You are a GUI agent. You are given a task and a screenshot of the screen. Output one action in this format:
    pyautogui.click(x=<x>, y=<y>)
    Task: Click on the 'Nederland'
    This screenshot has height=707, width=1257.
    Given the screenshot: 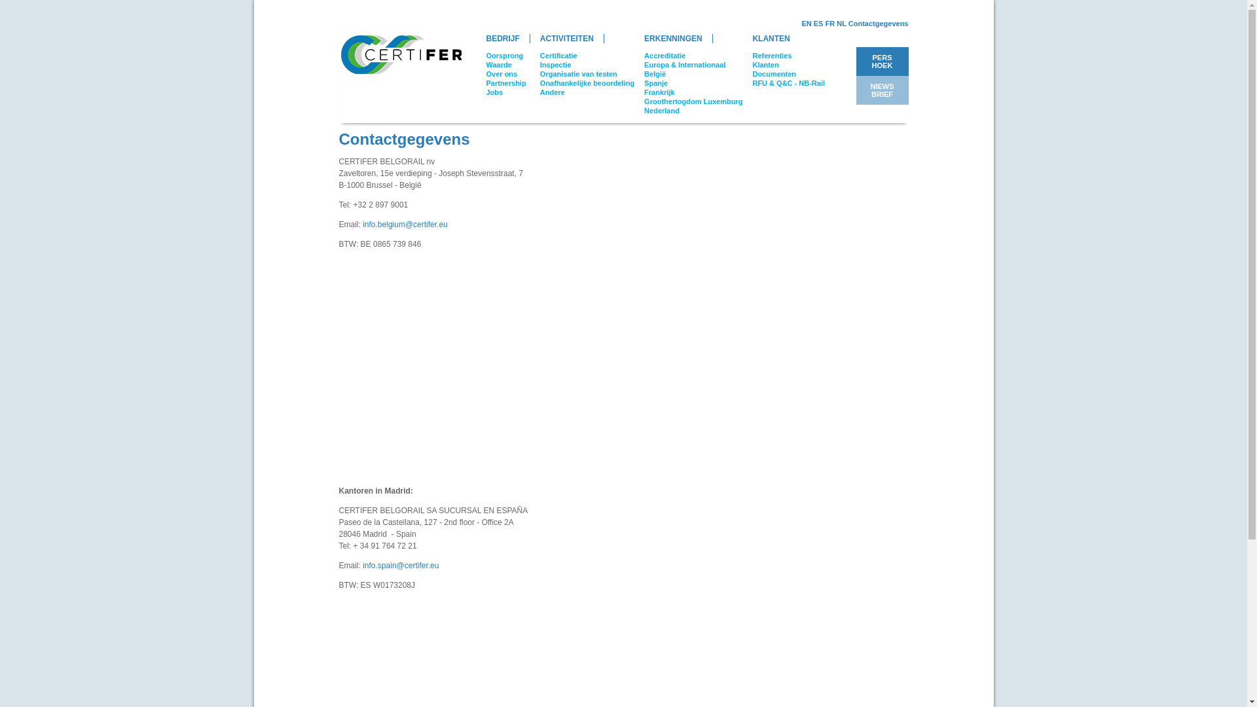 What is the action you would take?
    pyautogui.click(x=662, y=110)
    